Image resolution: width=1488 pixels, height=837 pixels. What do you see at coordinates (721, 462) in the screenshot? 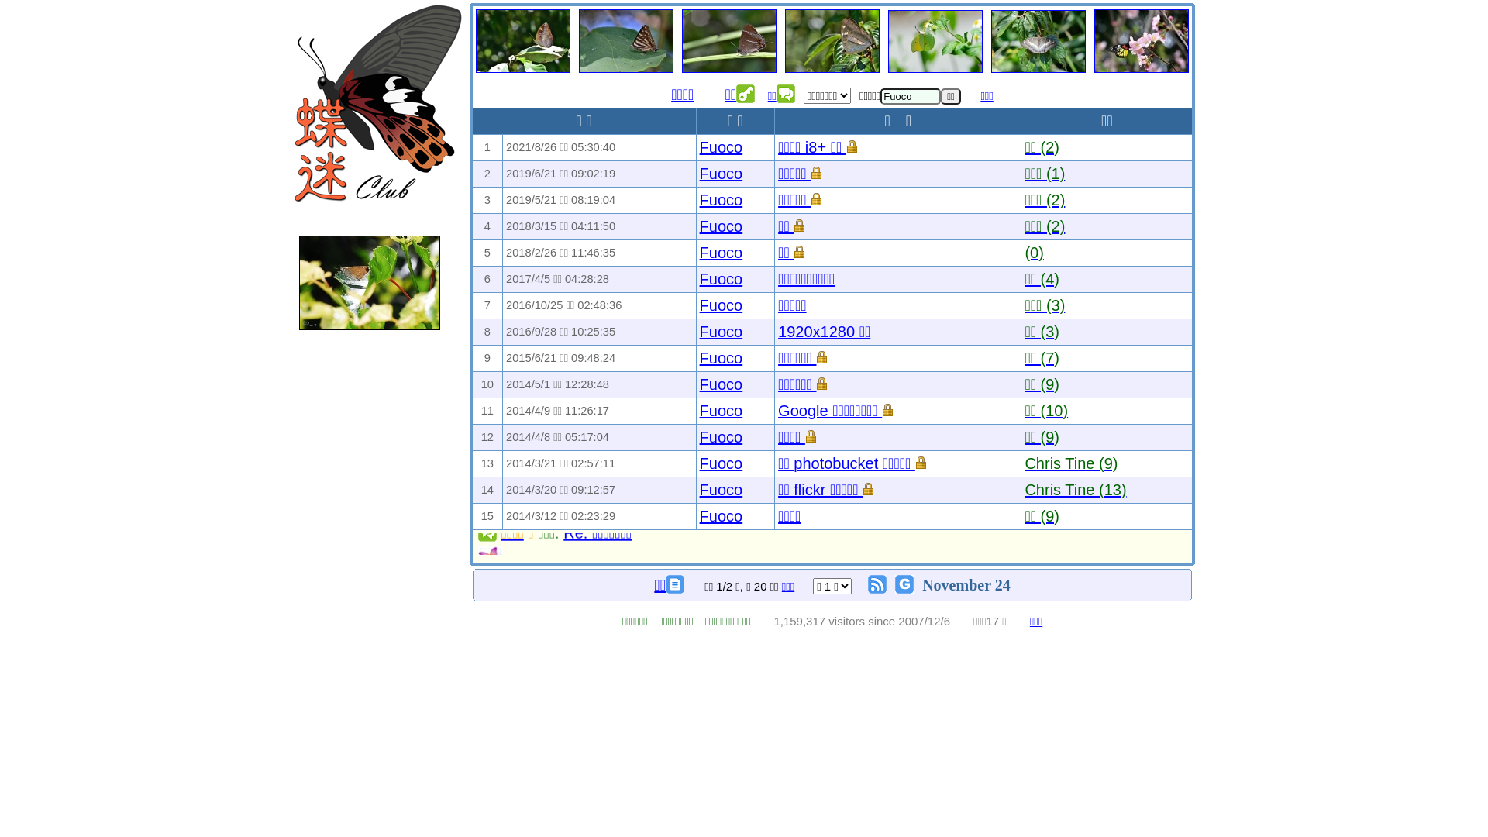
I see `'Fuoco'` at bounding box center [721, 462].